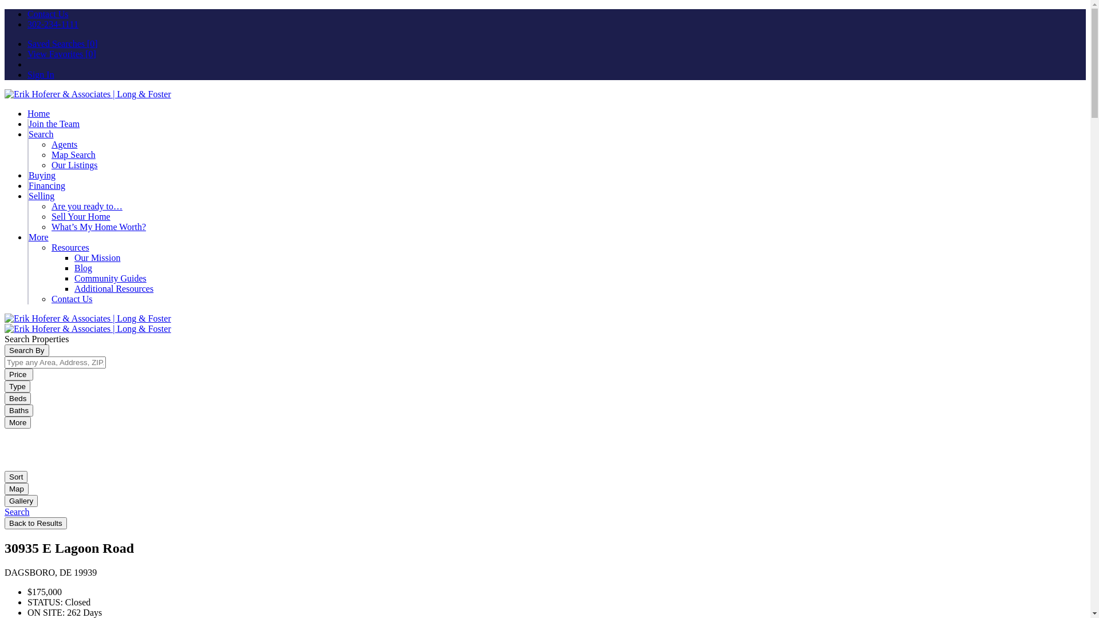 Image resolution: width=1099 pixels, height=618 pixels. What do you see at coordinates (16, 477) in the screenshot?
I see `'Sort'` at bounding box center [16, 477].